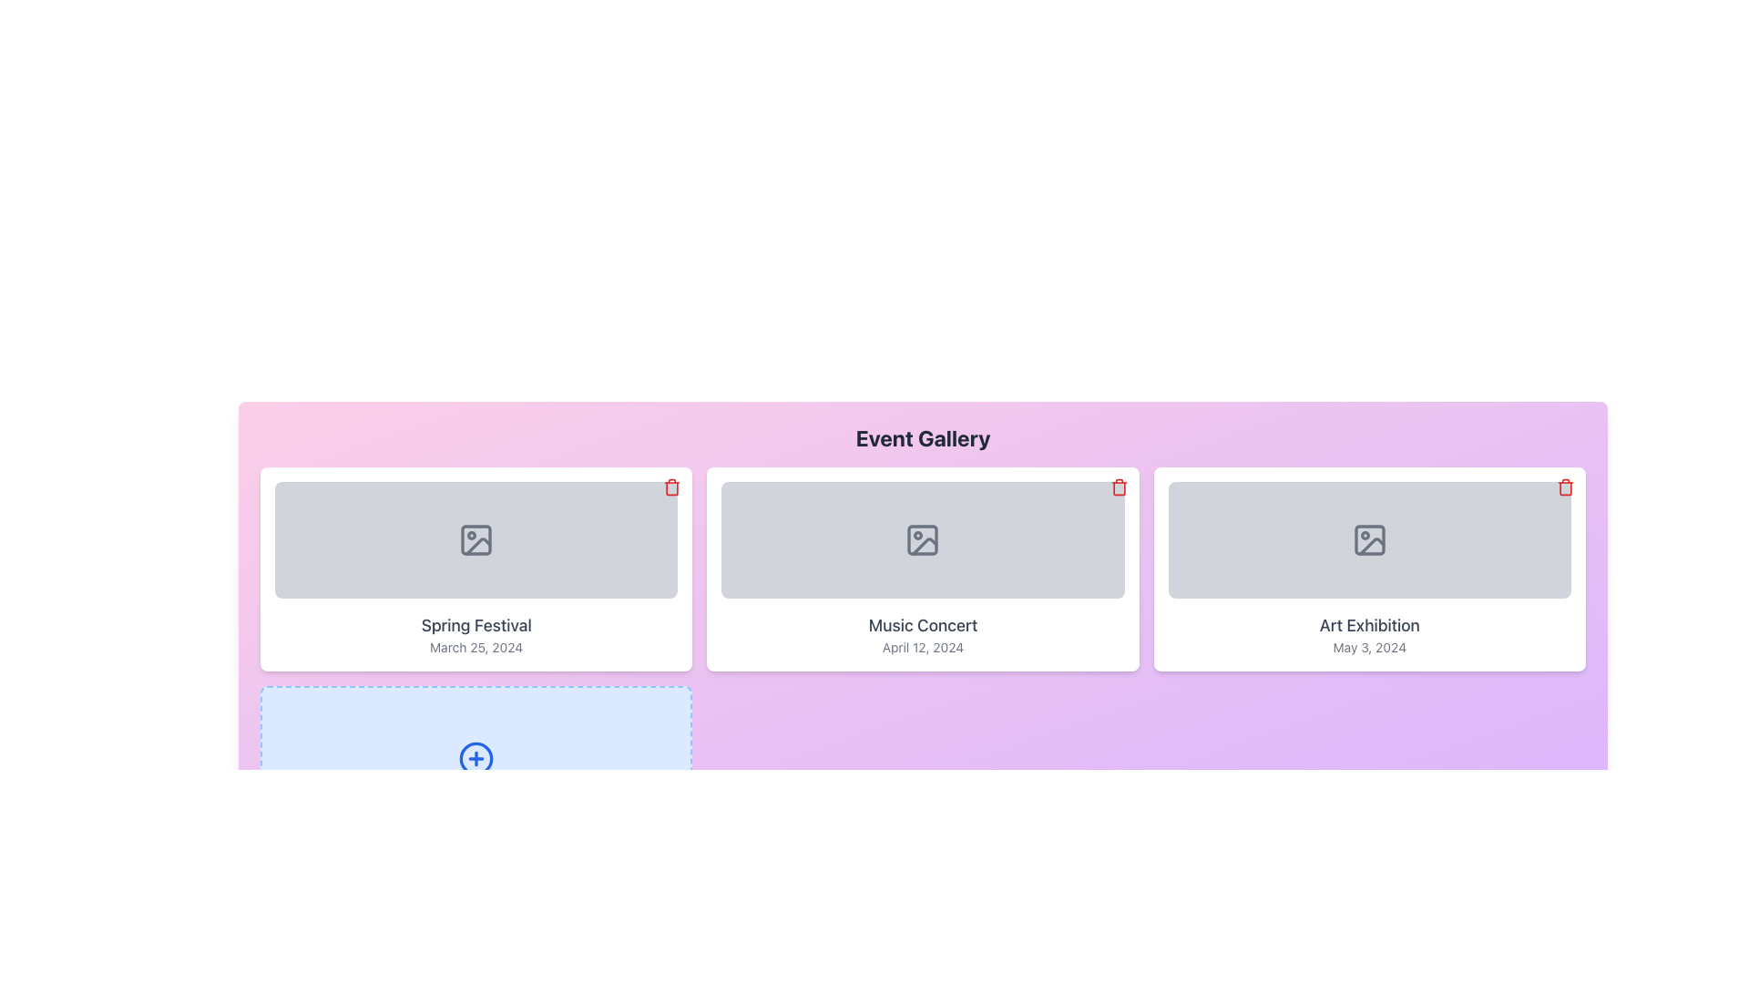 This screenshot has height=984, width=1749. Describe the element at coordinates (671, 487) in the screenshot. I see `the red trash can icon button located at the top-right corner of the first event card under the 'Event Gallery' heading to change its color` at that location.